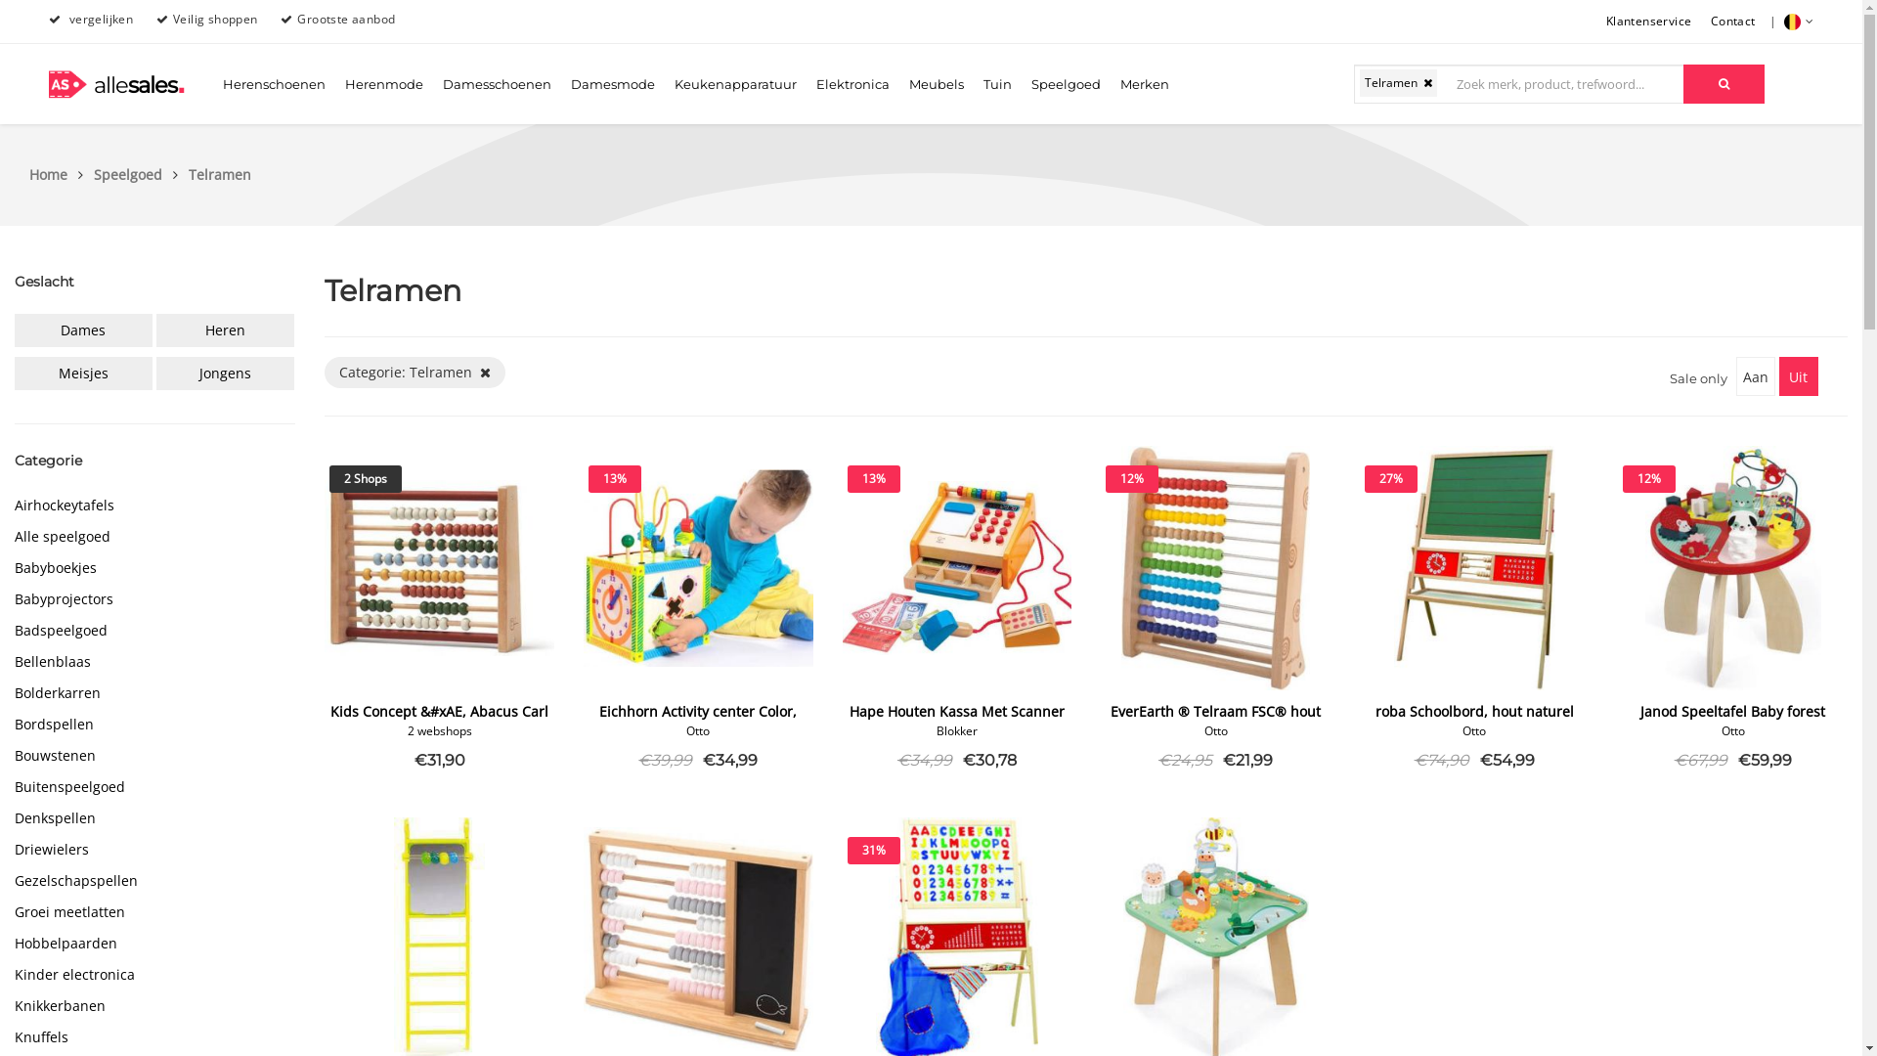 The width and height of the screenshot is (1877, 1056). What do you see at coordinates (1755, 376) in the screenshot?
I see `'Aan'` at bounding box center [1755, 376].